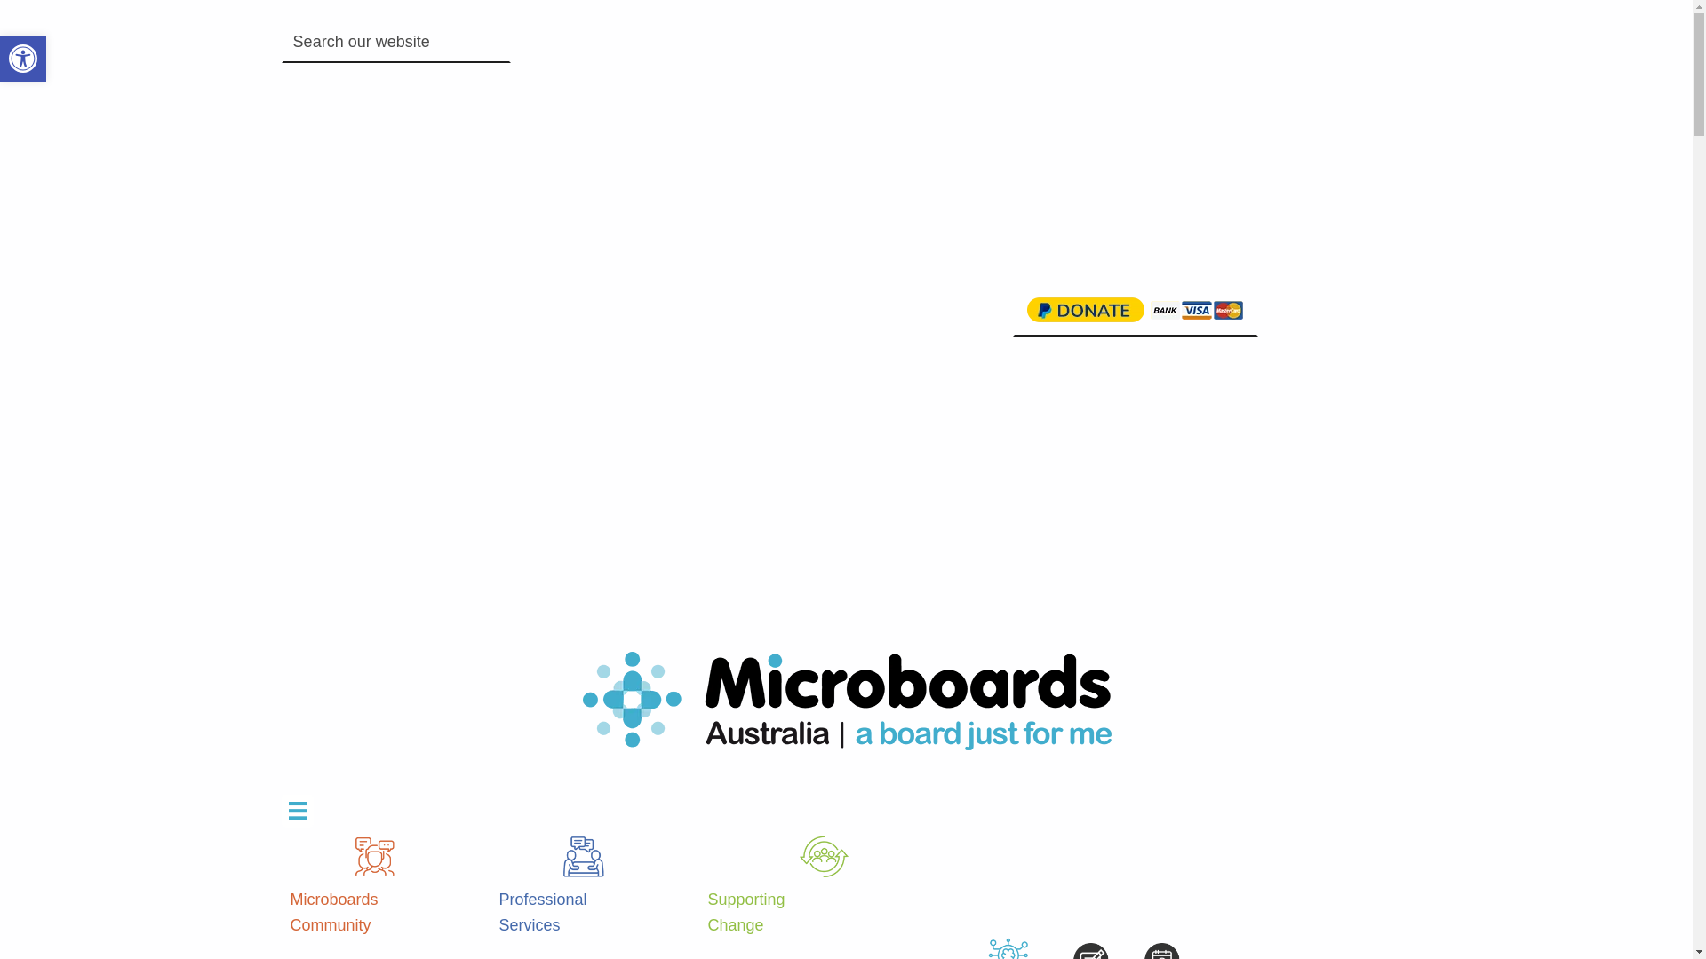 This screenshot has width=1706, height=959. I want to click on 'Open toolbar, so click(0, 57).